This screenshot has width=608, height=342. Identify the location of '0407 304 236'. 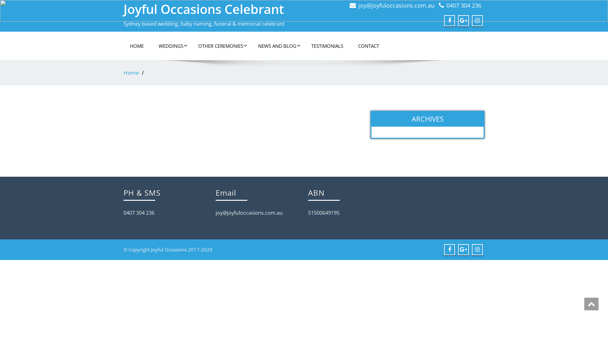
(464, 5).